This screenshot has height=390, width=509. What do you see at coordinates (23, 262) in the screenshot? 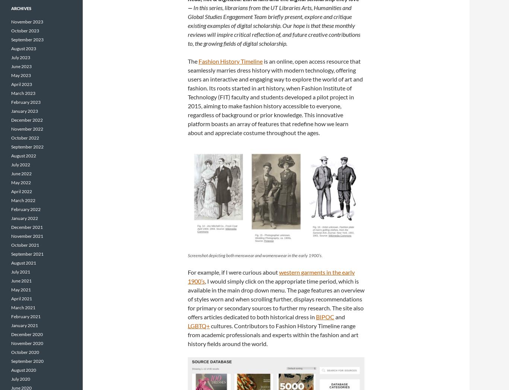
I see `'August 2021'` at bounding box center [23, 262].